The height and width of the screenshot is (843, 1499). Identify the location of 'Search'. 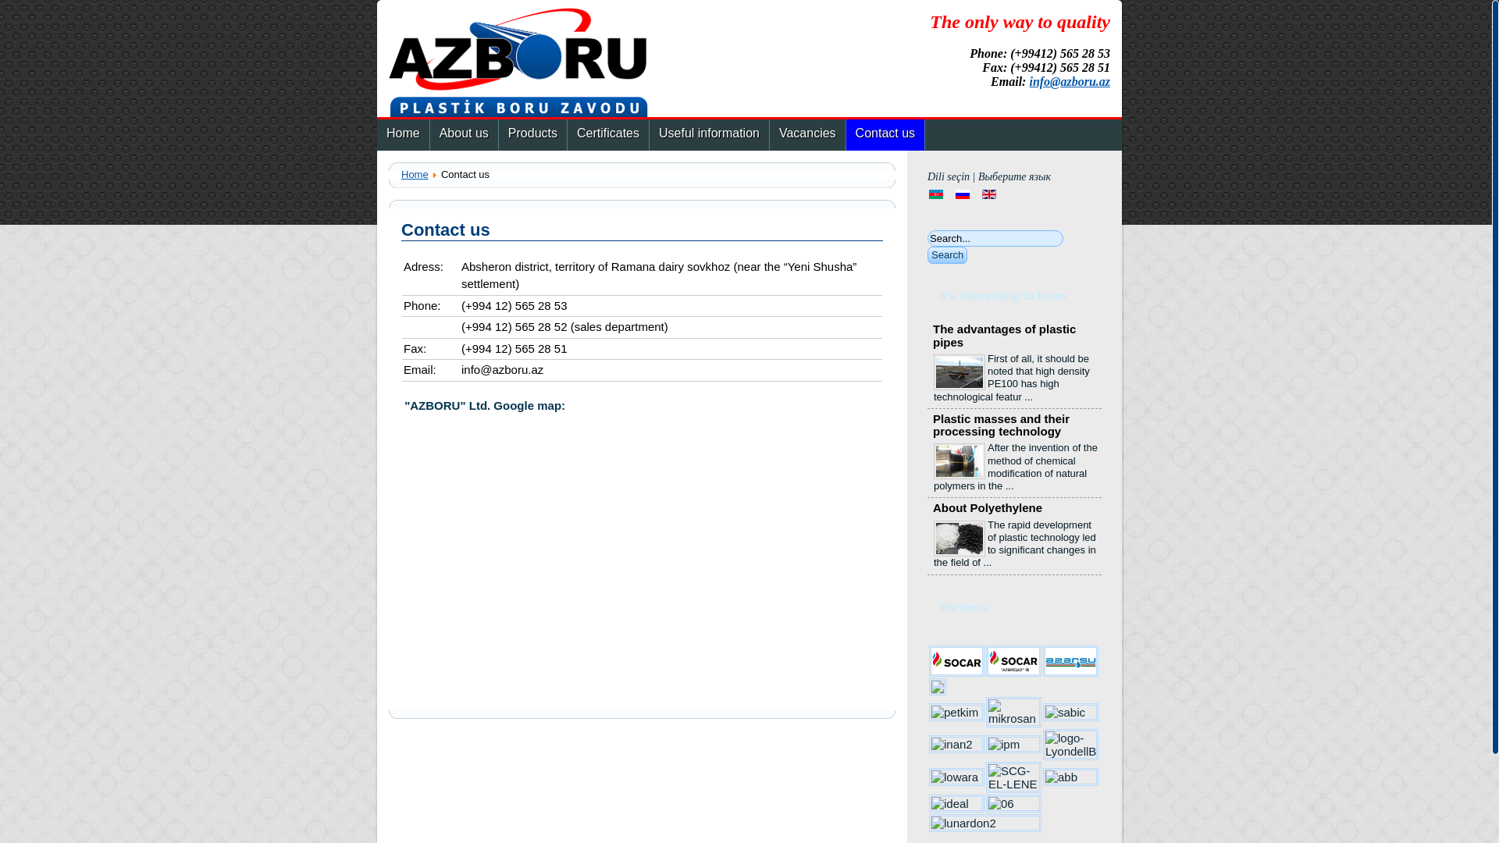
(946, 254).